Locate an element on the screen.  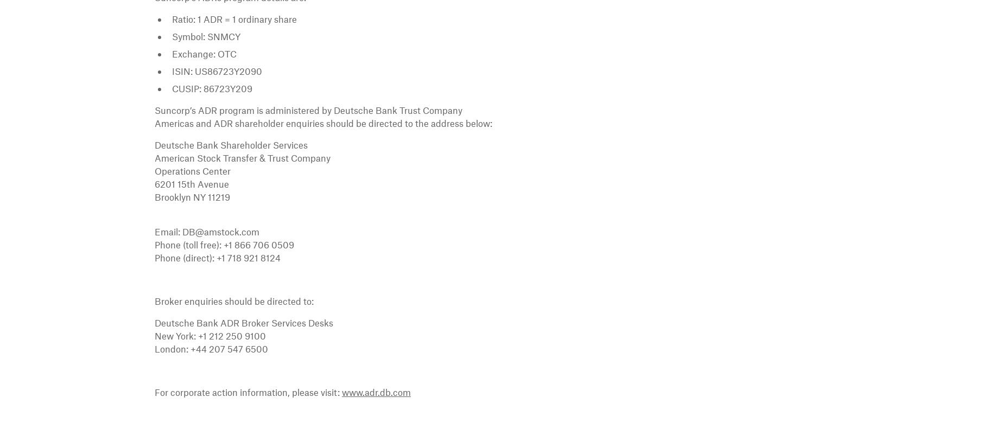
'6201 15th Avenue' is located at coordinates (191, 184).